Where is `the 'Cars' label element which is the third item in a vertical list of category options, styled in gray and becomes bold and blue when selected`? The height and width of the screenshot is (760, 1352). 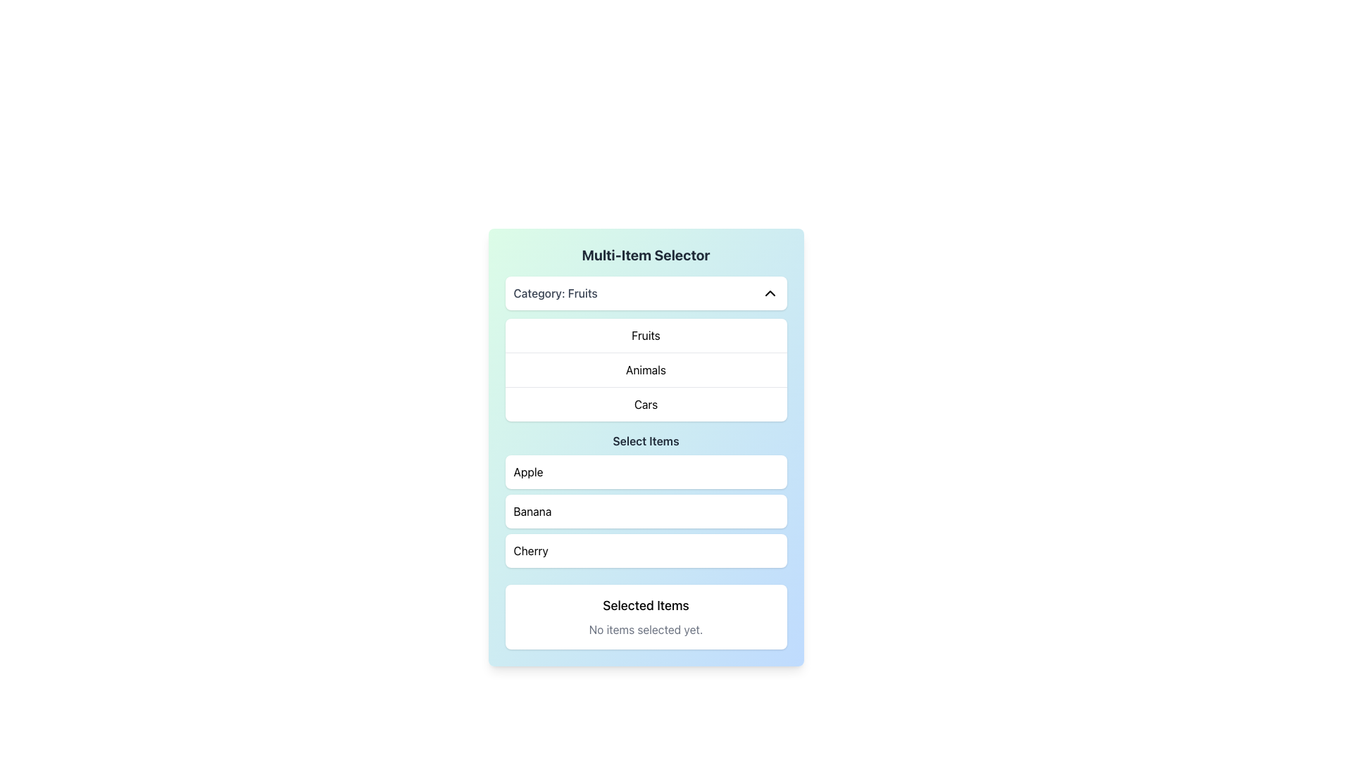
the 'Cars' label element which is the third item in a vertical list of category options, styled in gray and becomes bold and blue when selected is located at coordinates (645, 404).